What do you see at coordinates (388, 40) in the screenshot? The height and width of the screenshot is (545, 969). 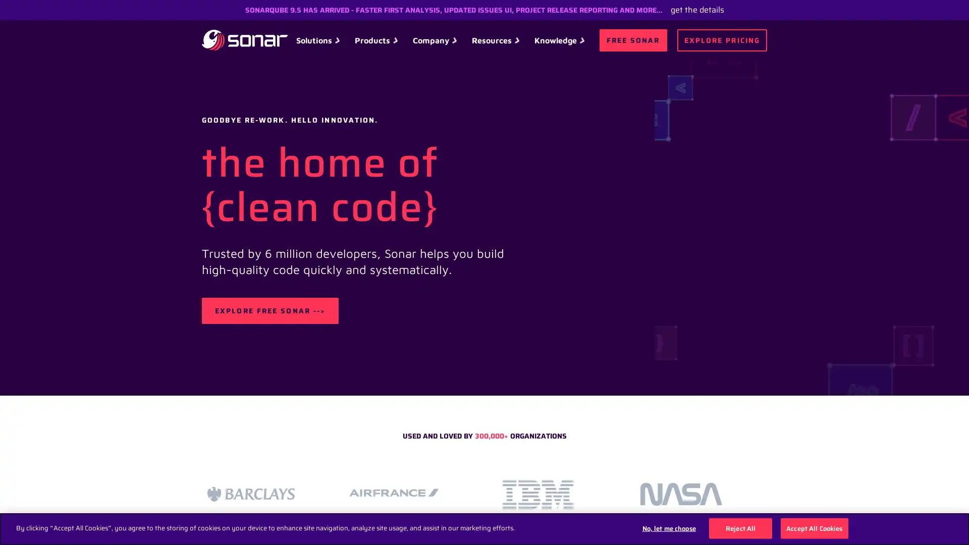 I see `Products` at bounding box center [388, 40].